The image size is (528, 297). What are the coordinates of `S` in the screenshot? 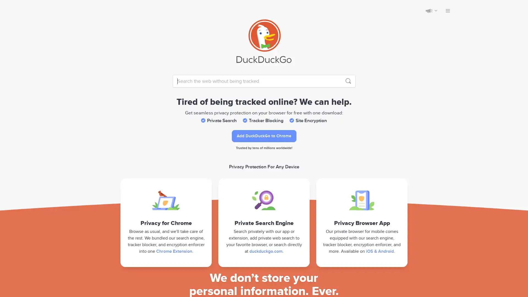 It's located at (348, 81).